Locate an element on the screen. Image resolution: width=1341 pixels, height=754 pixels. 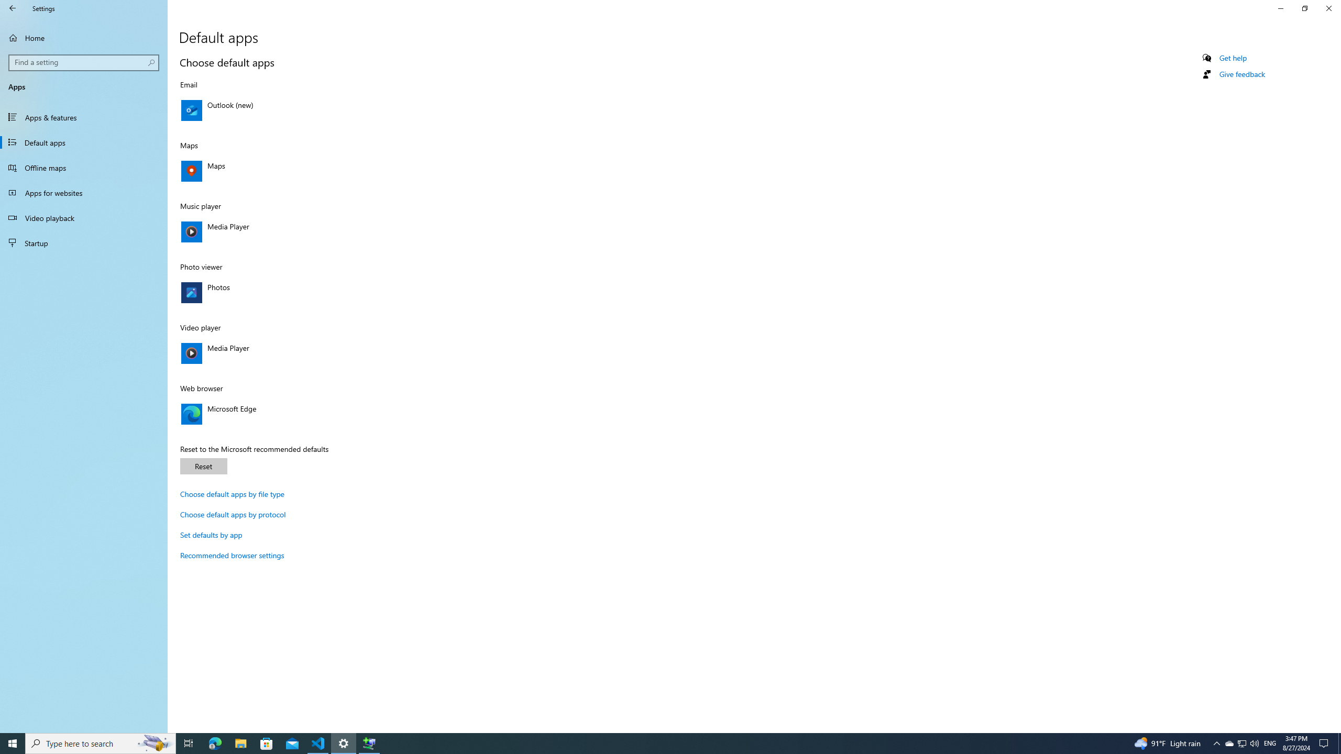
'Restore Settings' is located at coordinates (1304, 8).